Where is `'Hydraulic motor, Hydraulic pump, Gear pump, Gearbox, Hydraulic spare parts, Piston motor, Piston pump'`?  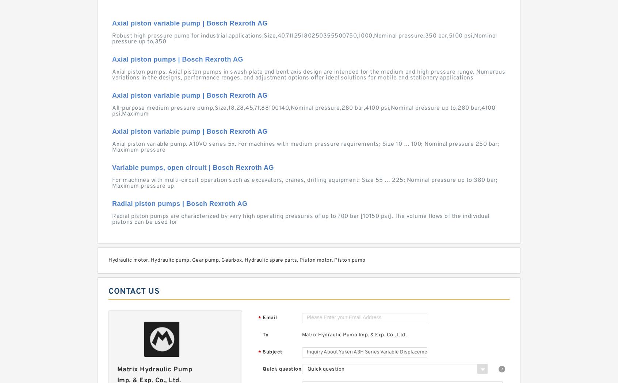
'Hydraulic motor, Hydraulic pump, Gear pump, Gearbox, Hydraulic spare parts, Piston motor, Piston pump' is located at coordinates (237, 260).